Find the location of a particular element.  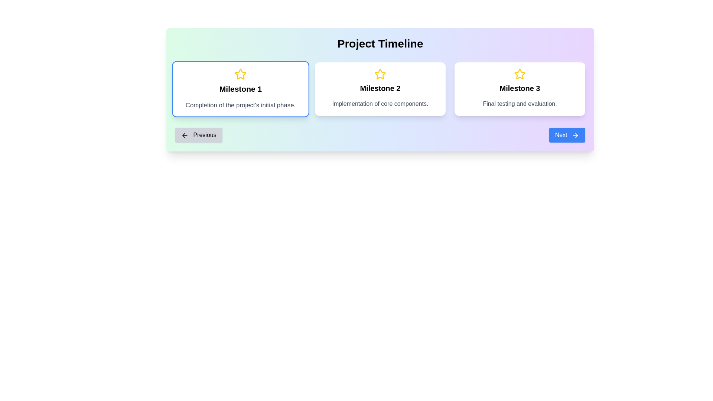

the Informative card titled 'Milestone 3', which is a rectangular card with rounded corners and a shadow effect, located at the far right of the three milestone cards is located at coordinates (520, 88).